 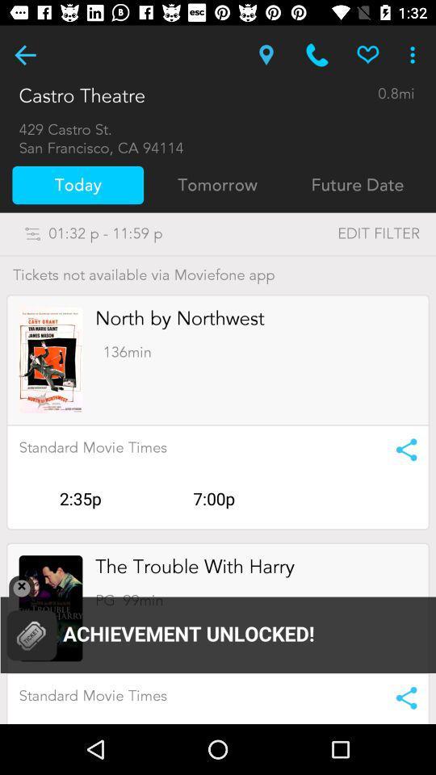 I want to click on achievement box, so click(x=218, y=626).